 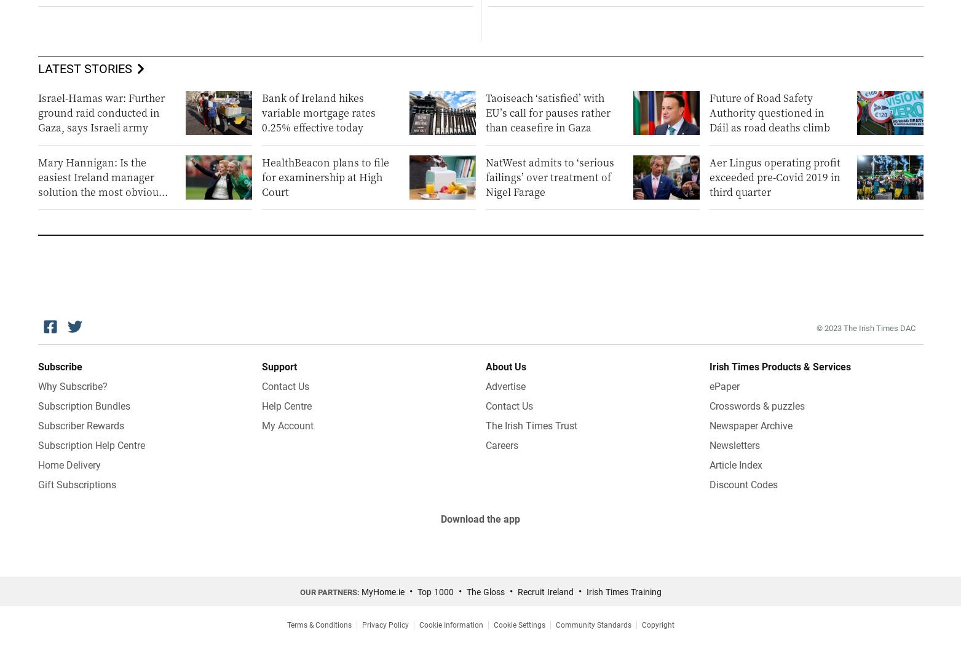 I want to click on 'Help Centre', so click(x=286, y=406).